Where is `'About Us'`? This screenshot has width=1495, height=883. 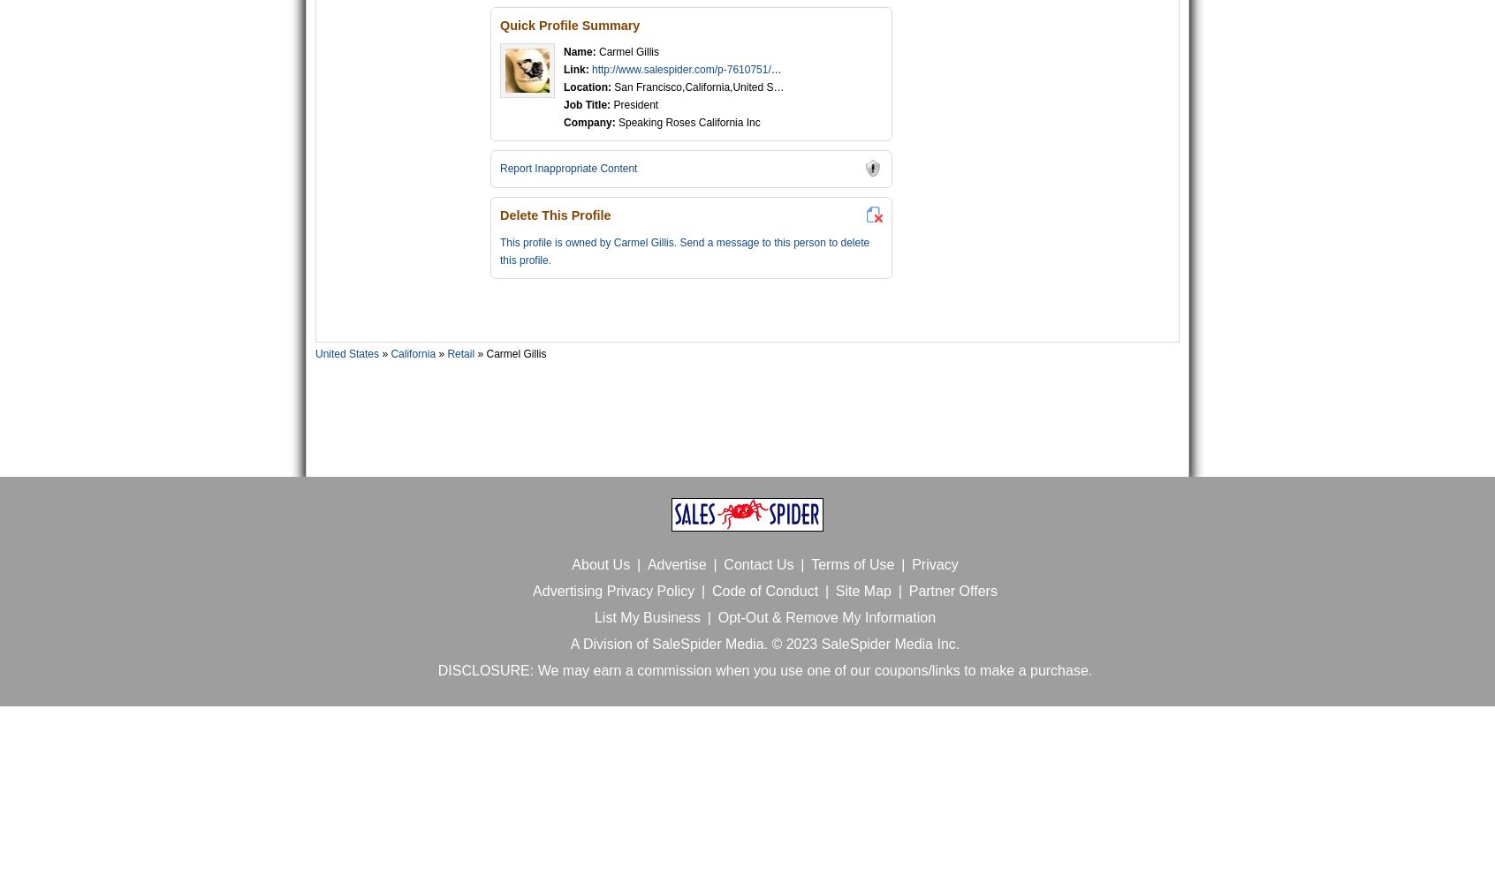 'About Us' is located at coordinates (601, 563).